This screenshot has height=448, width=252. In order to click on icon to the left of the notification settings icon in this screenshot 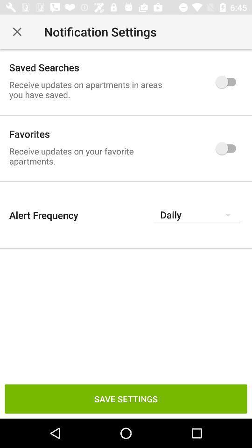, I will do `click(17, 32)`.